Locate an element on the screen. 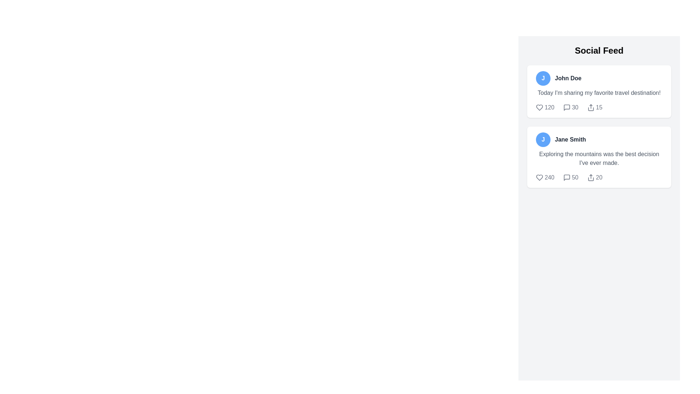  the Text Display showing the number '50', which is prominently bold and located within the second post card of the Social Feed section, positioned between a comment icon and a sharing icon is located at coordinates (575, 177).